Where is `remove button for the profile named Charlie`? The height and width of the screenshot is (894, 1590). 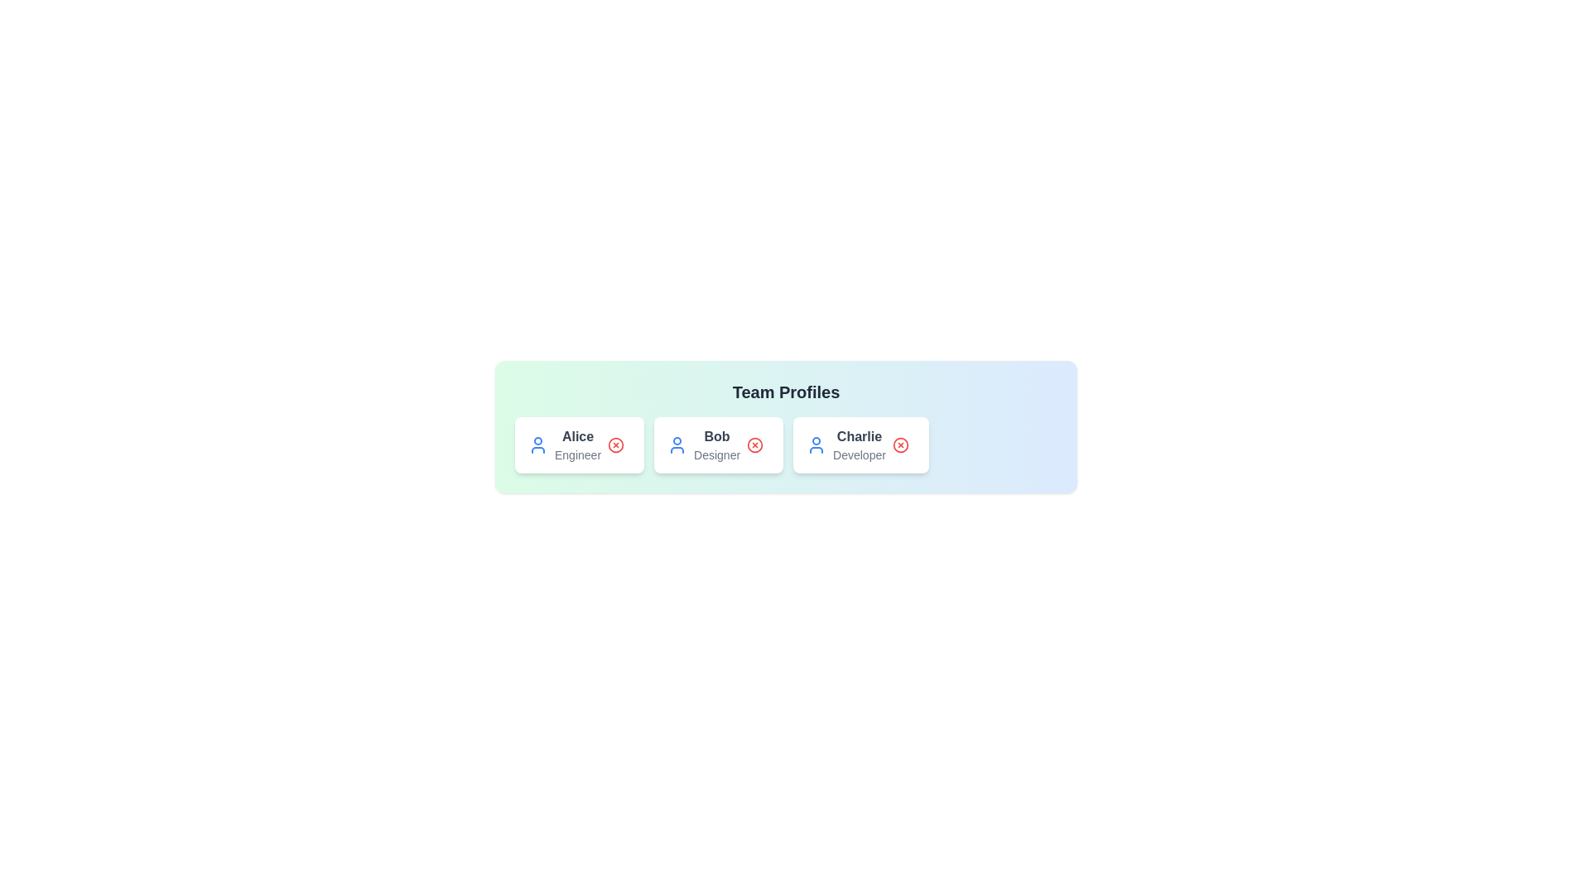
remove button for the profile named Charlie is located at coordinates (899, 444).